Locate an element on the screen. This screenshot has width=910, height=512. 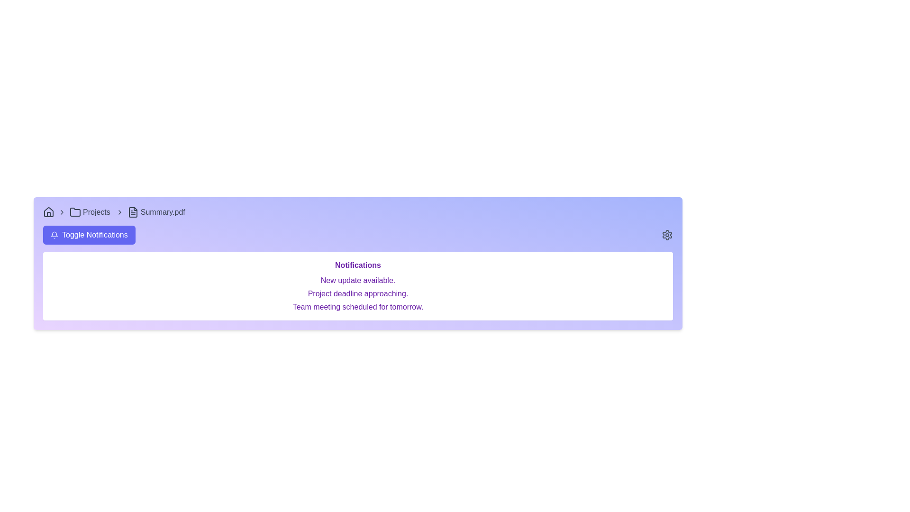
the notification that states 'Project deadline approaching.' which is the second notification under the 'Notifications' heading is located at coordinates (357, 293).